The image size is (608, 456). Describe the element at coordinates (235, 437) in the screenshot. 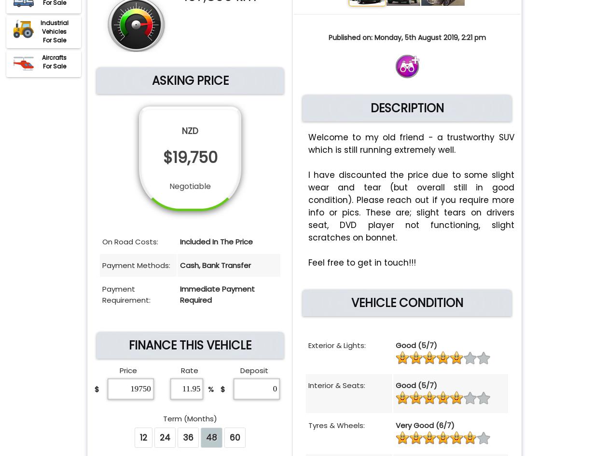

I see `'60'` at that location.